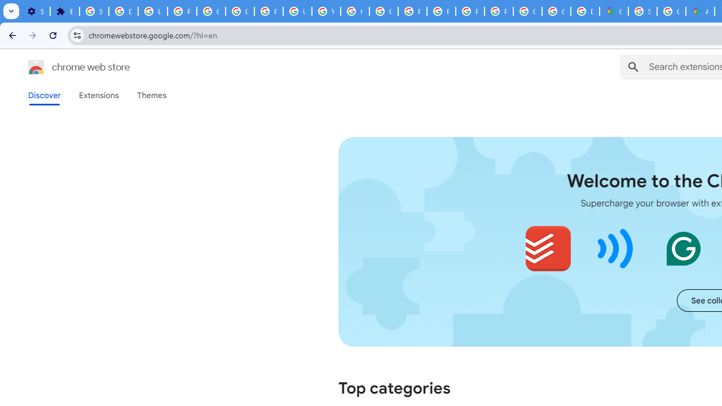  I want to click on 'Grammarly: AI Writing and Grammar Checker App', so click(683, 248).